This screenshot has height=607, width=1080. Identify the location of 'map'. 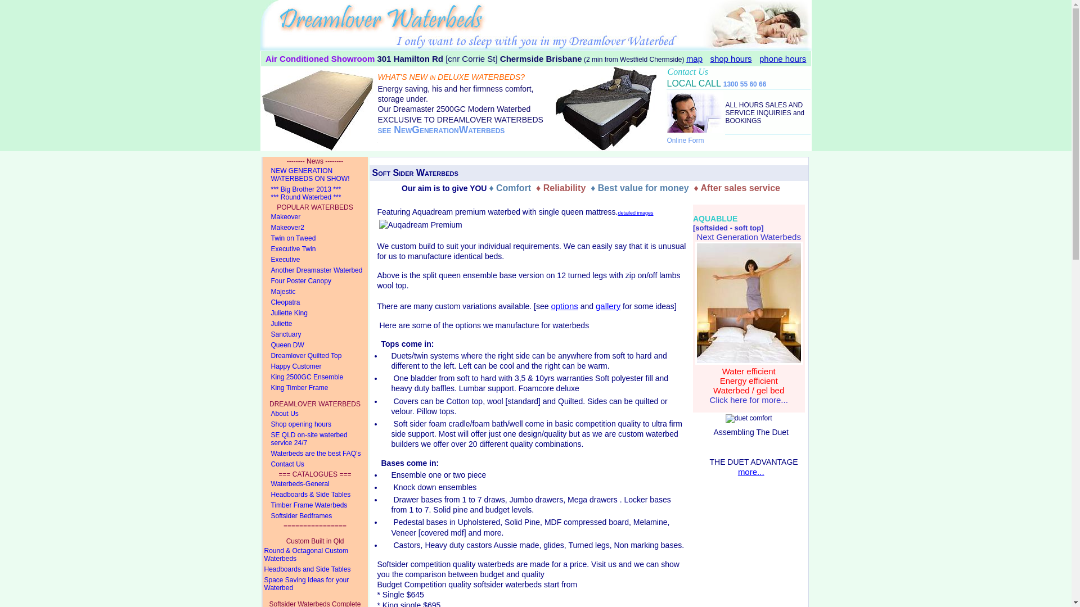
(694, 59).